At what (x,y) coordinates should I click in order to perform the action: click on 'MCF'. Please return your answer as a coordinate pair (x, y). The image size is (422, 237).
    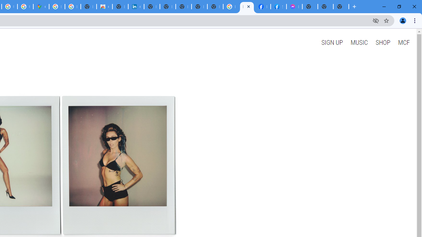
    Looking at the image, I should click on (403, 42).